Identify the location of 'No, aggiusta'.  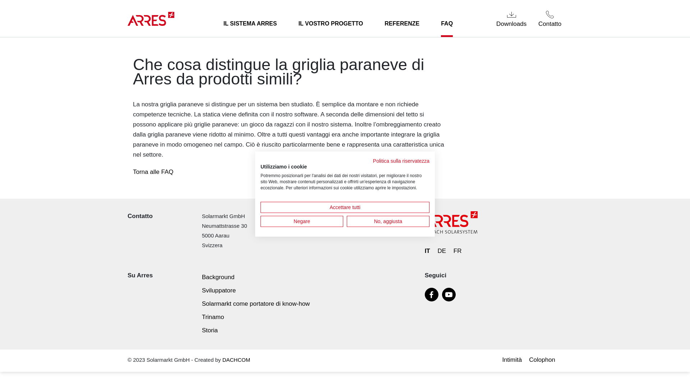
(388, 221).